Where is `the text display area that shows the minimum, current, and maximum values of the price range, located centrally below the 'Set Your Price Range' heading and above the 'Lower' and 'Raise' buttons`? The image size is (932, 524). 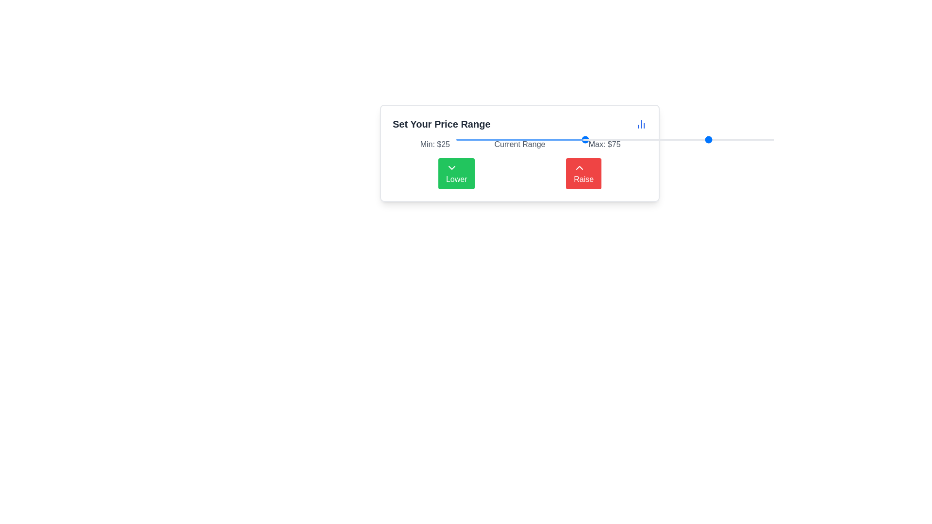 the text display area that shows the minimum, current, and maximum values of the price range, located centrally below the 'Set Your Price Range' heading and above the 'Lower' and 'Raise' buttons is located at coordinates (519, 144).